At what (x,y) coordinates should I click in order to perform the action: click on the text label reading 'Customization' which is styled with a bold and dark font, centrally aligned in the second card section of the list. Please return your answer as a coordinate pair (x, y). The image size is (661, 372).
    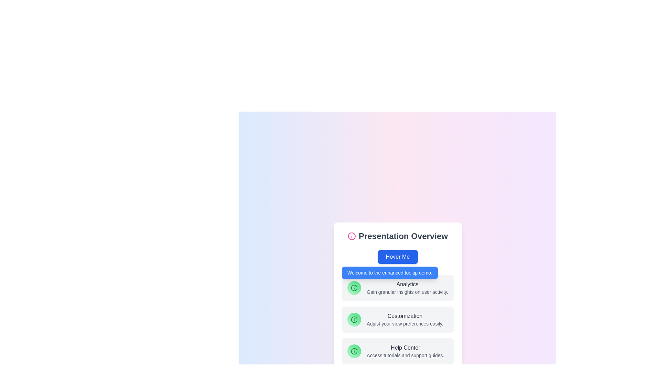
    Looking at the image, I should click on (405, 316).